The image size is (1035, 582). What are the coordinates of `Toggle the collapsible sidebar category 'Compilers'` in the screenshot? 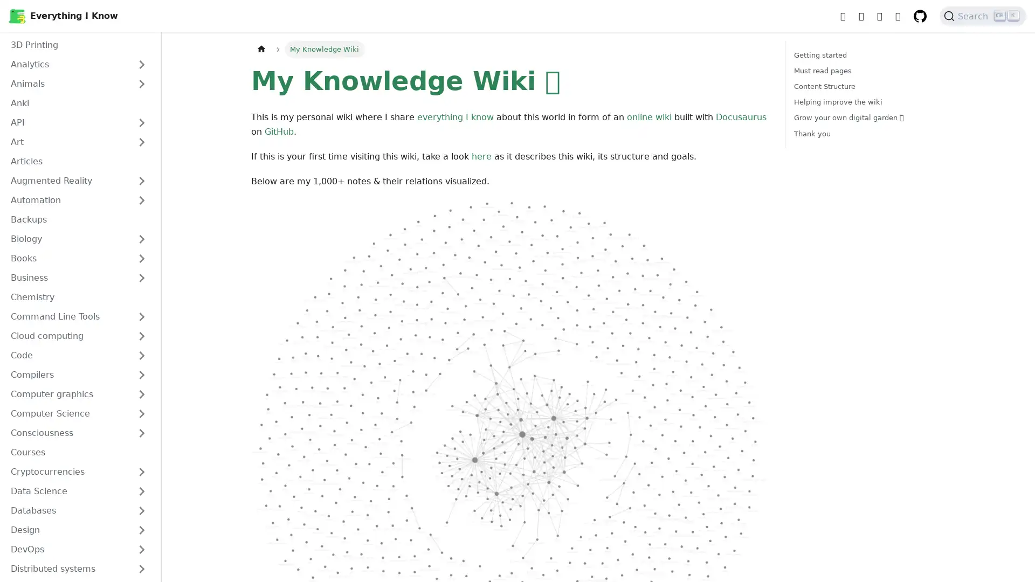 It's located at (141, 374).